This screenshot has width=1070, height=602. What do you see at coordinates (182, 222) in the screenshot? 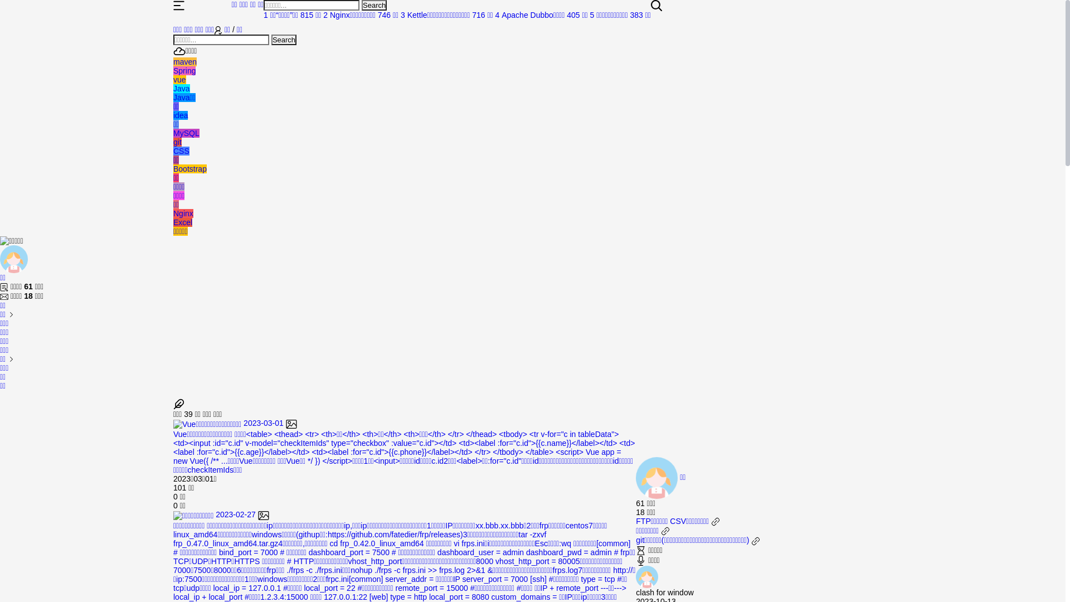
I see `'Excel'` at bounding box center [182, 222].